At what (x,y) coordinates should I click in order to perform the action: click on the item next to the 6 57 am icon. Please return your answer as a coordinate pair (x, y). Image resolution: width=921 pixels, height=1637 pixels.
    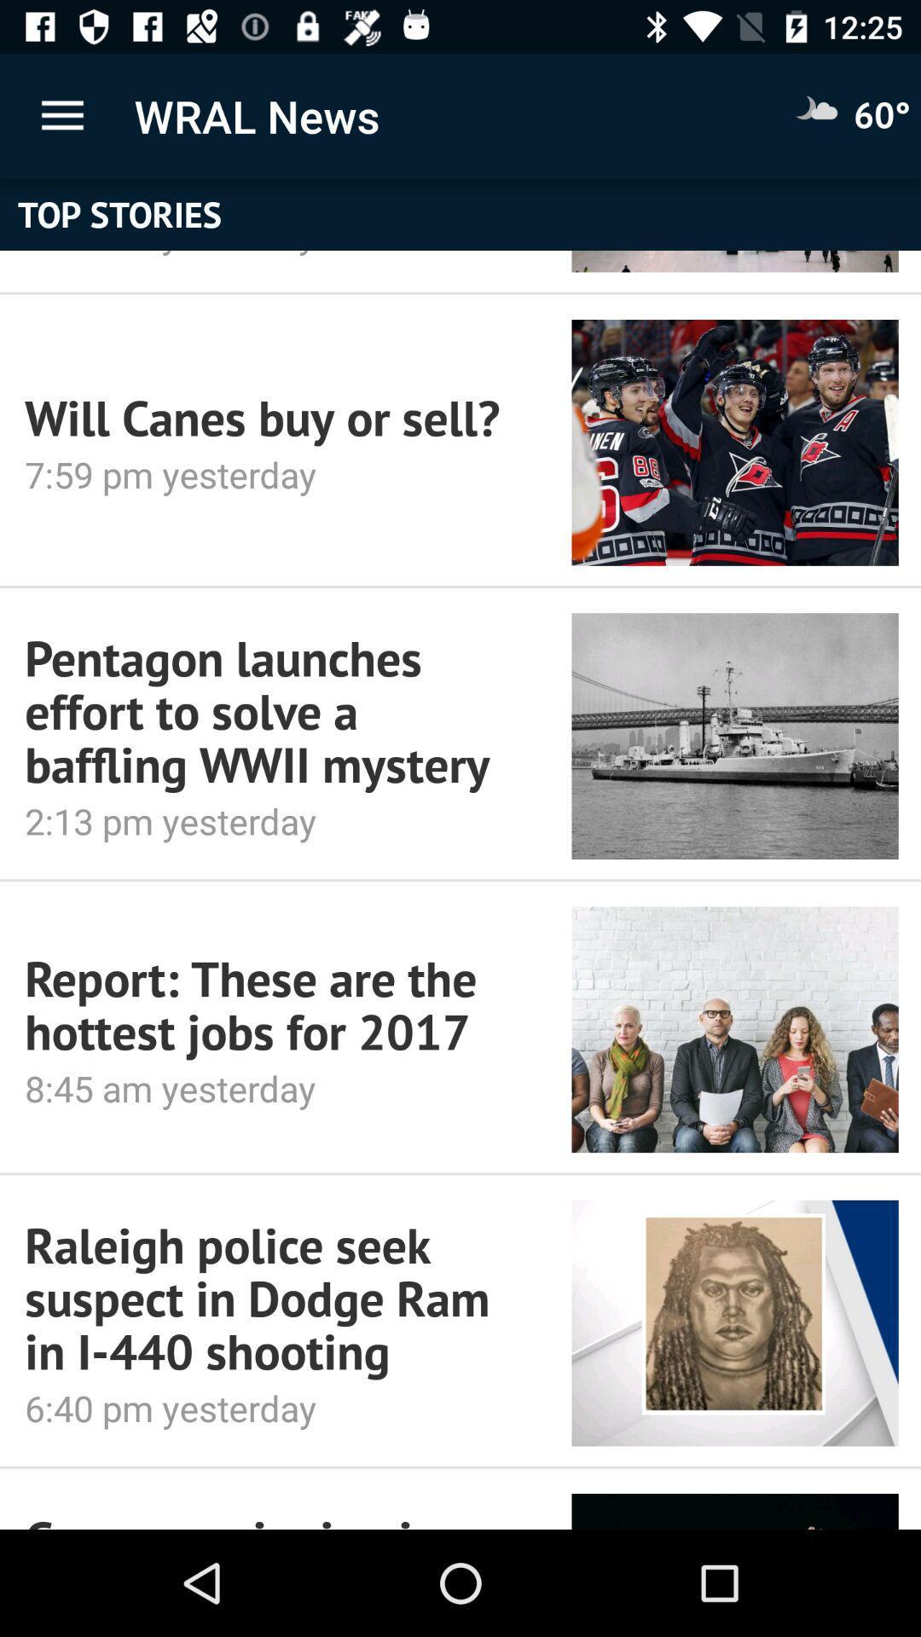
    Looking at the image, I should click on (734, 260).